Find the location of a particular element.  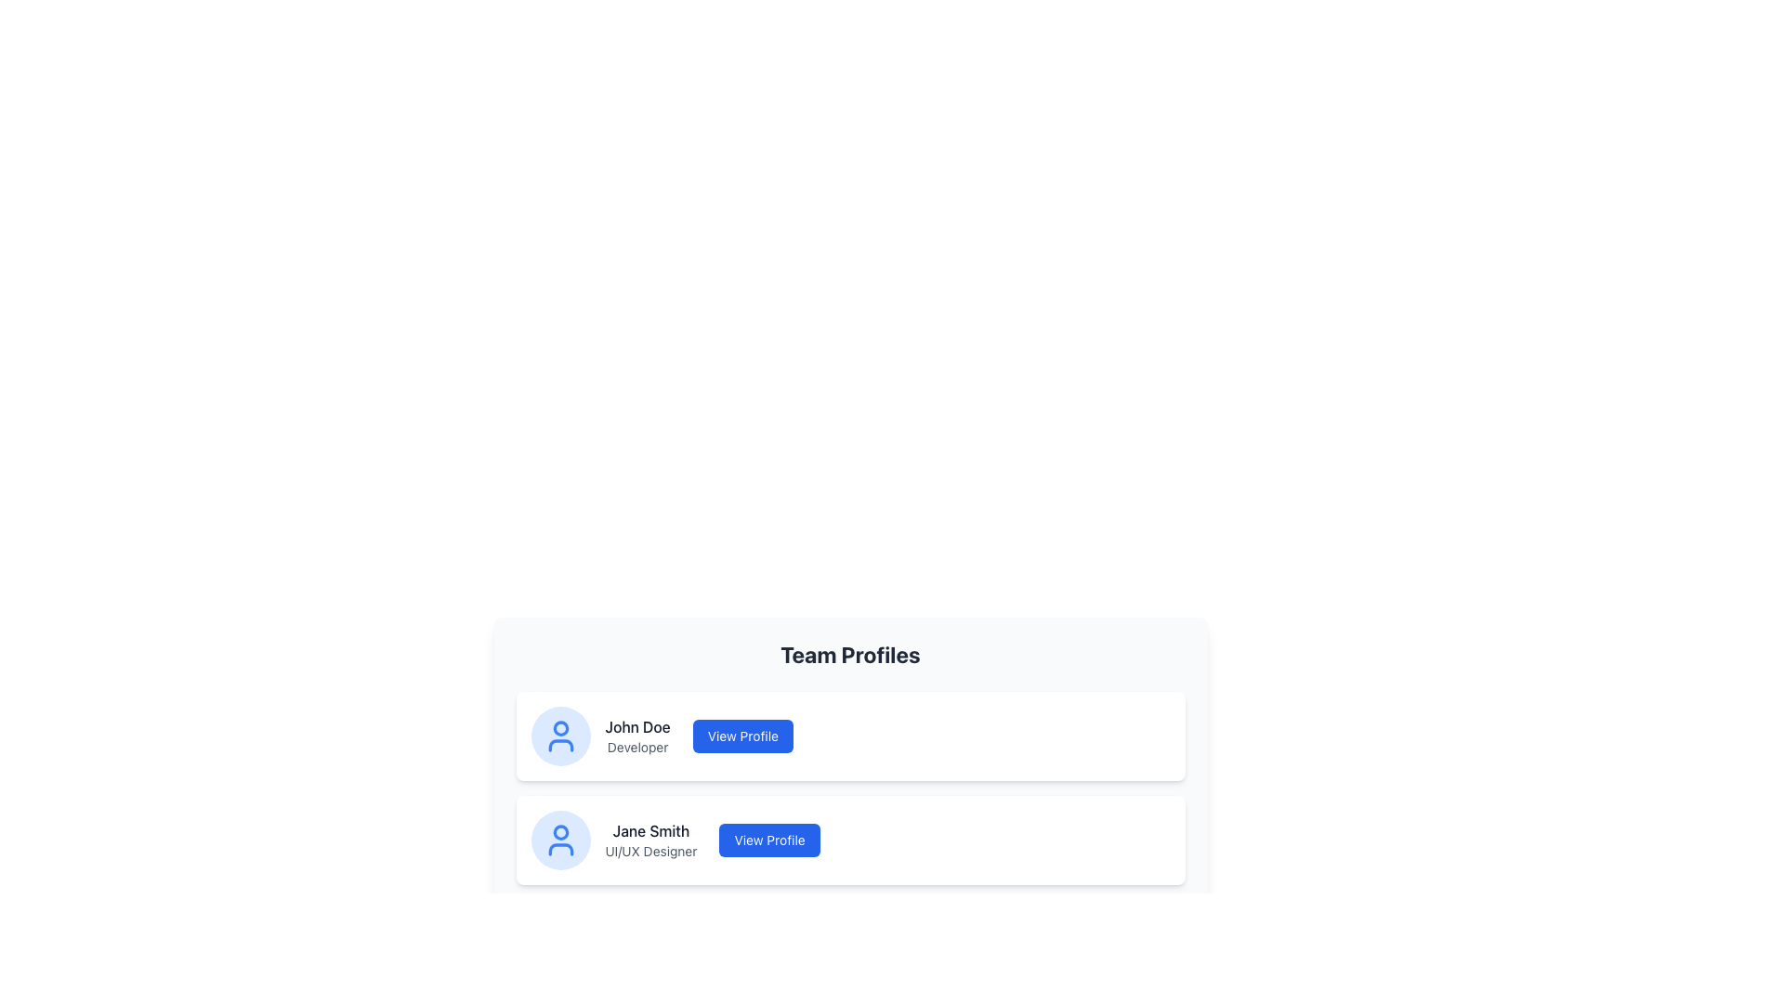

the text label displaying 'UI/UX Designer', which is styled in gray and positioned underneath 'Jane Smith' is located at coordinates (650, 852).